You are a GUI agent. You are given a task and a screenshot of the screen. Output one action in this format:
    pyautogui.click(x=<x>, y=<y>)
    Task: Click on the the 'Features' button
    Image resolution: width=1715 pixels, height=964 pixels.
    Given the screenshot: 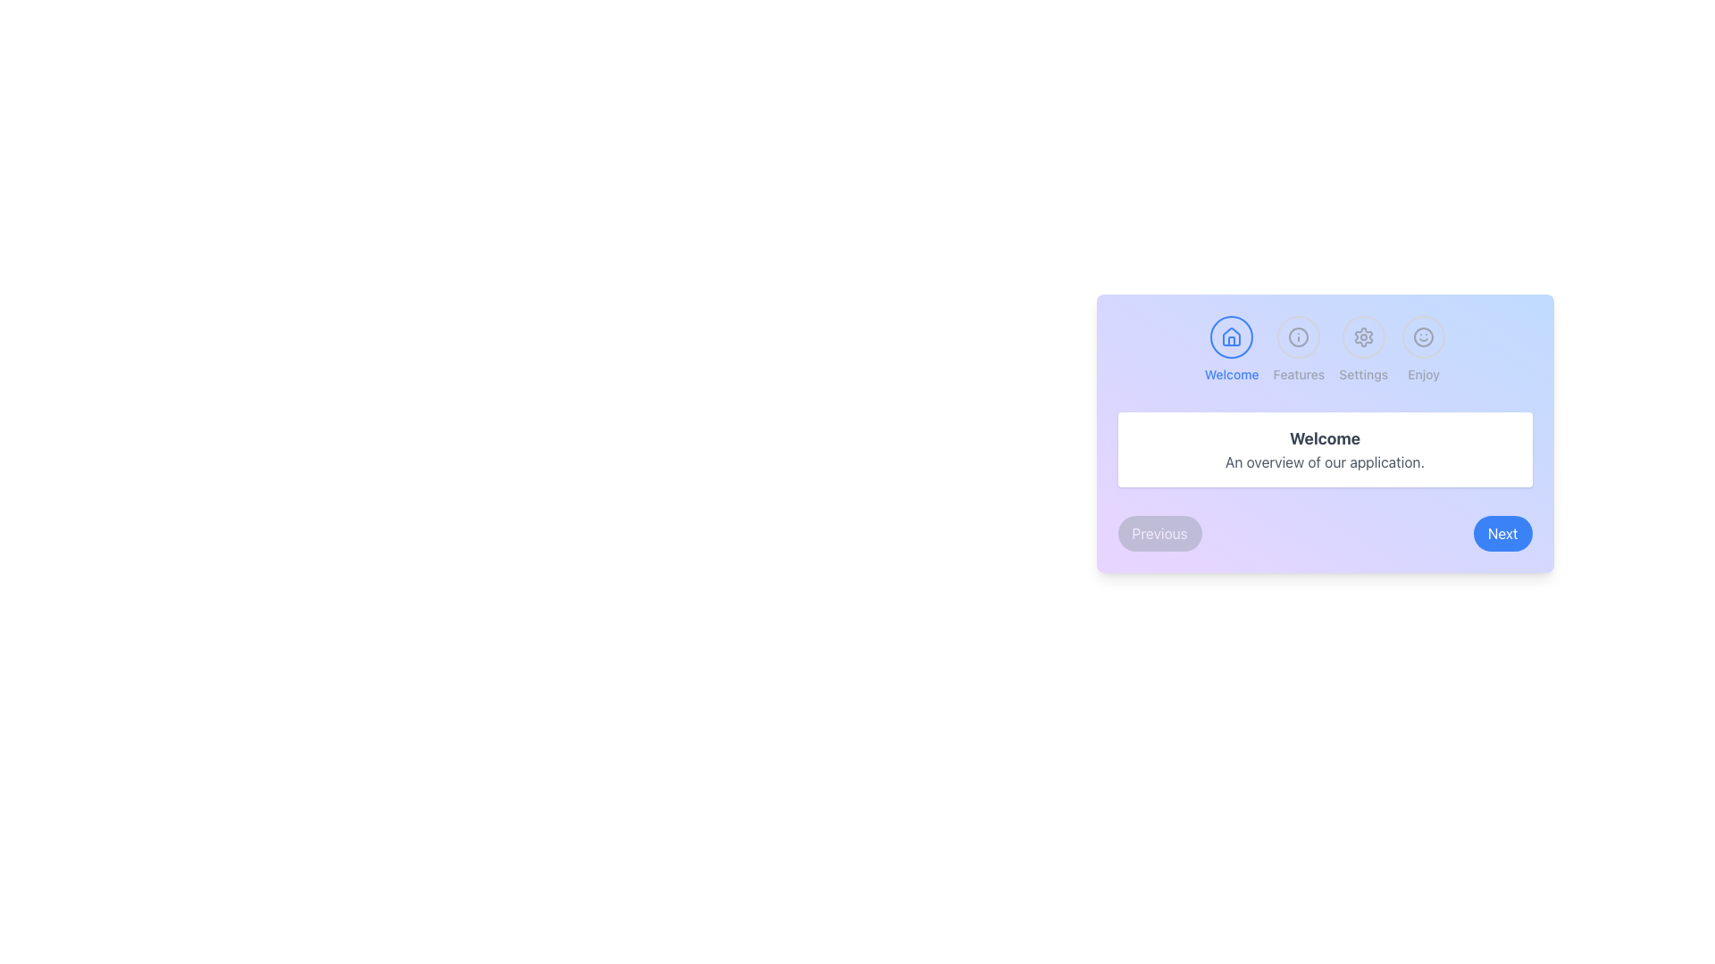 What is the action you would take?
    pyautogui.click(x=1299, y=350)
    